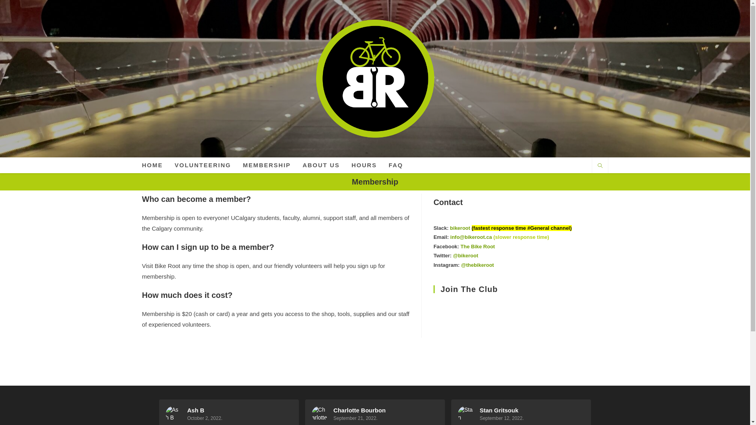 This screenshot has height=425, width=756. Describe the element at coordinates (296, 165) in the screenshot. I see `'ABOUT US'` at that location.